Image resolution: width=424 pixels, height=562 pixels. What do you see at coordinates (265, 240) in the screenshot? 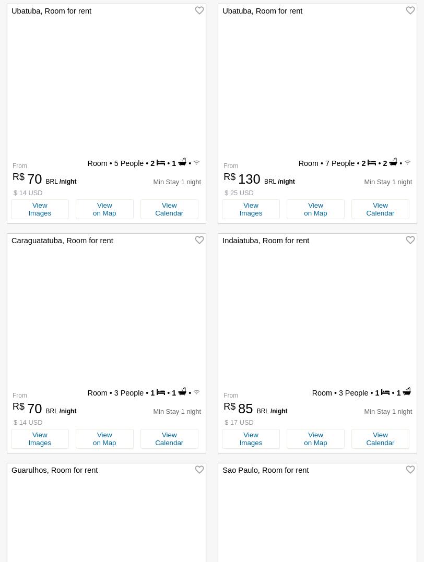
I see `'Indaiatuba, Room for rent'` at bounding box center [265, 240].